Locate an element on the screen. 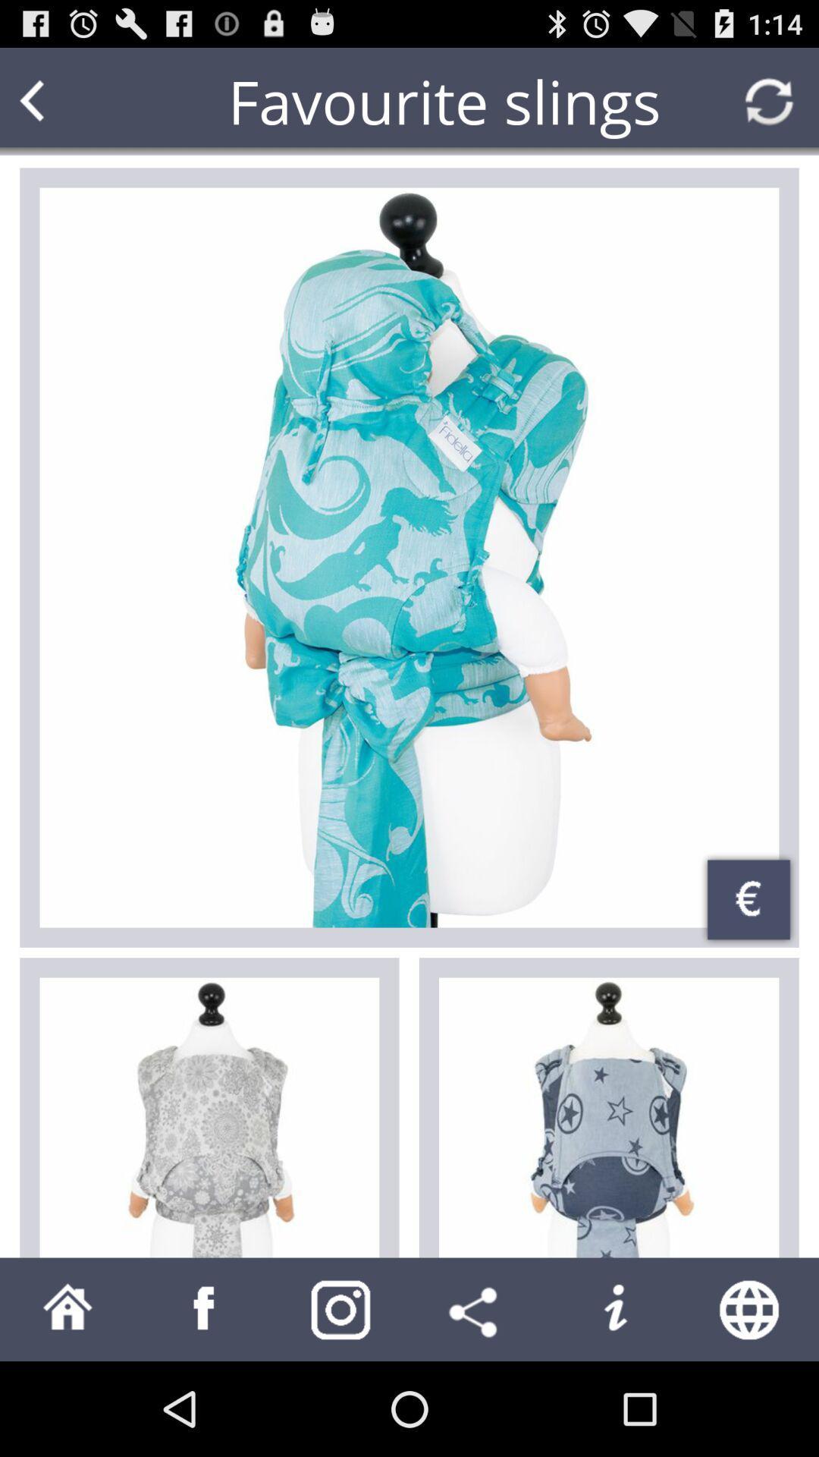 Image resolution: width=819 pixels, height=1457 pixels. choose article is located at coordinates (608, 1118).